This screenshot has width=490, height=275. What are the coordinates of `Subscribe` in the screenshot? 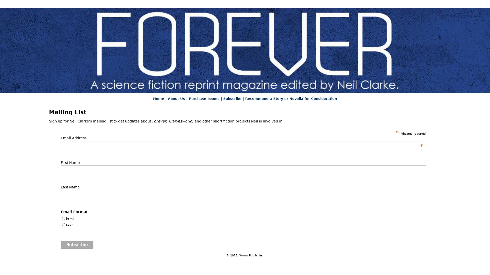 It's located at (77, 244).